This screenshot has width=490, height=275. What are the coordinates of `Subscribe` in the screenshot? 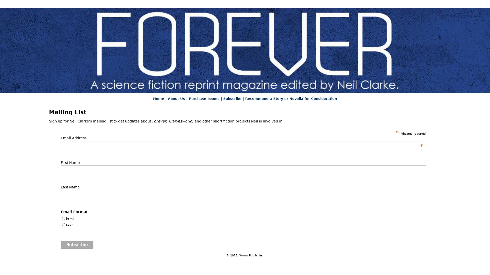 It's located at (77, 244).